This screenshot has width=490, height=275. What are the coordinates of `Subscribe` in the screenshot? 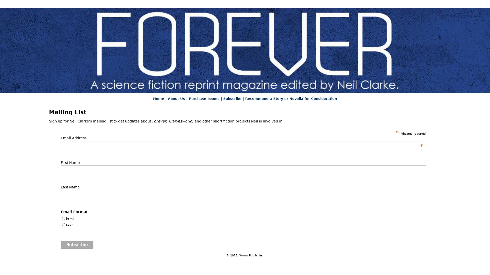 It's located at (77, 244).